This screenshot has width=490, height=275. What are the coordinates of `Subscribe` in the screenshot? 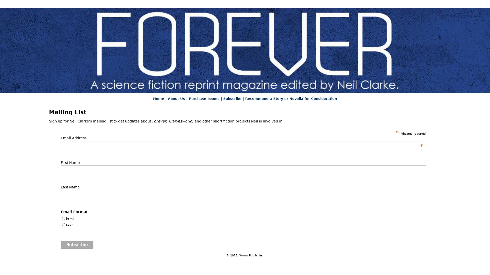 It's located at (77, 244).